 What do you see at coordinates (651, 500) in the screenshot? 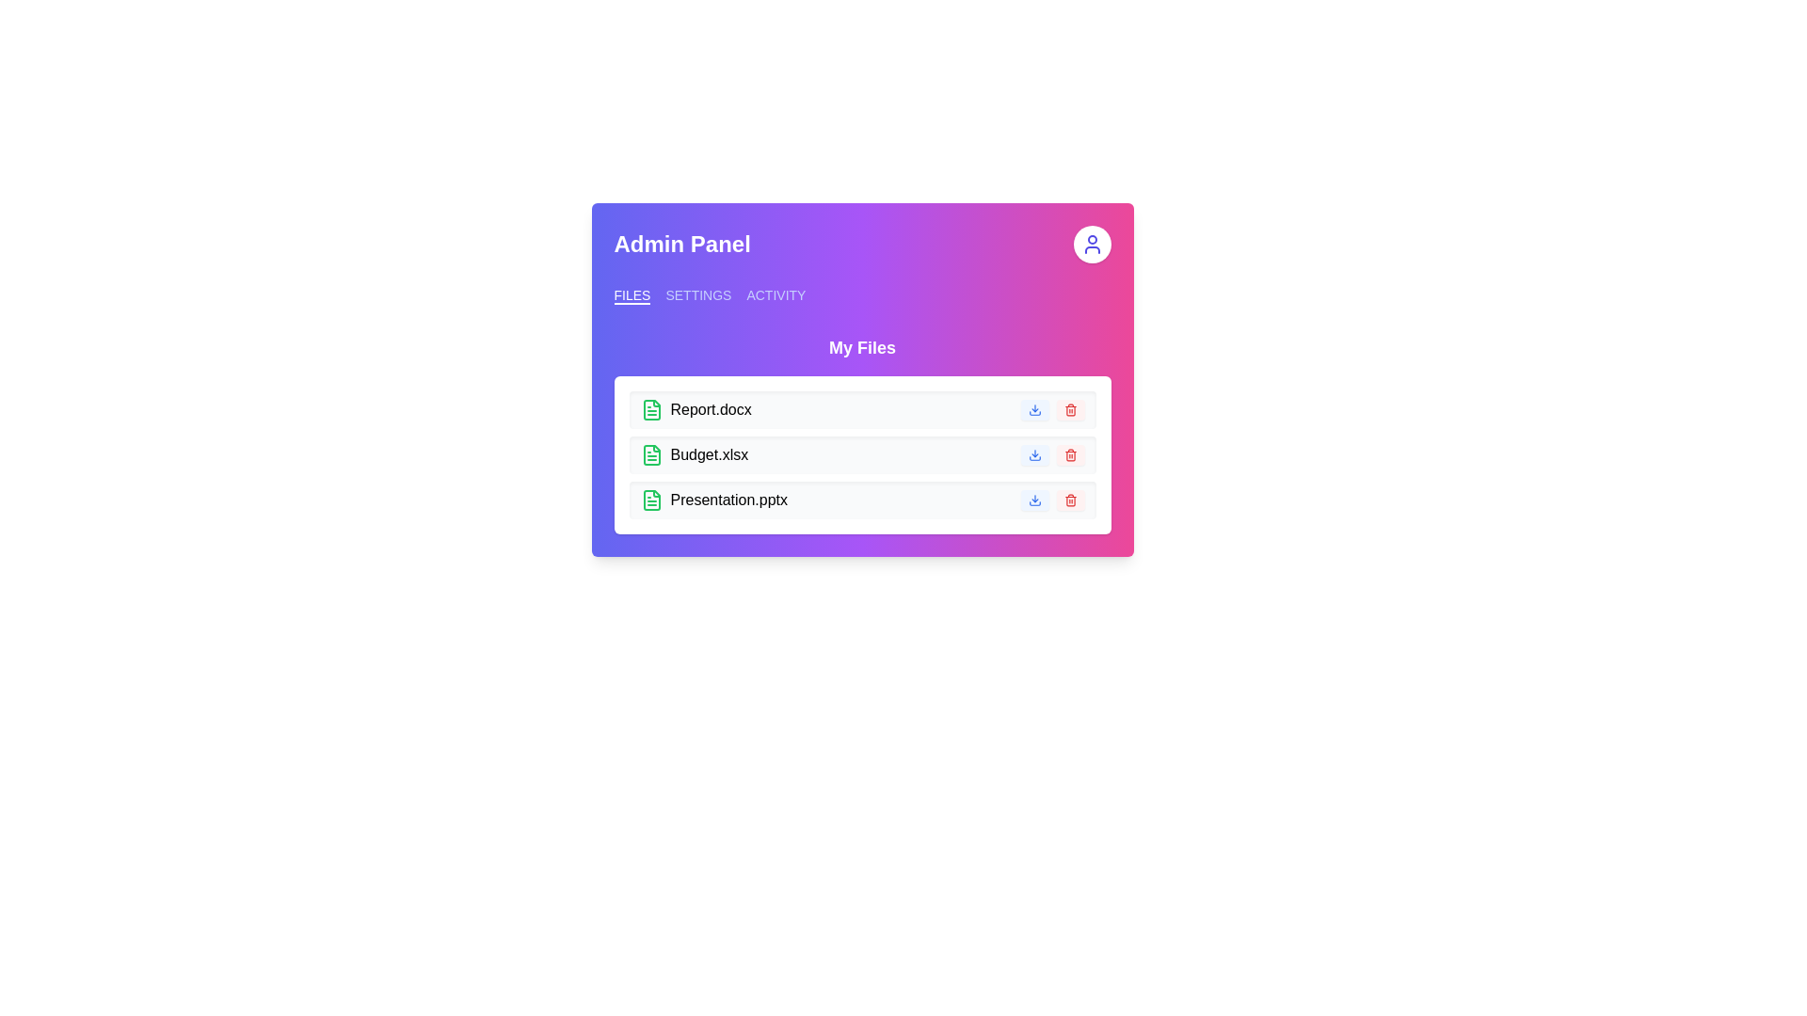
I see `the graphical file icon representing 'Report.docx', which is the first icon in the 'My Files' section, located on the left side of the file list` at bounding box center [651, 500].